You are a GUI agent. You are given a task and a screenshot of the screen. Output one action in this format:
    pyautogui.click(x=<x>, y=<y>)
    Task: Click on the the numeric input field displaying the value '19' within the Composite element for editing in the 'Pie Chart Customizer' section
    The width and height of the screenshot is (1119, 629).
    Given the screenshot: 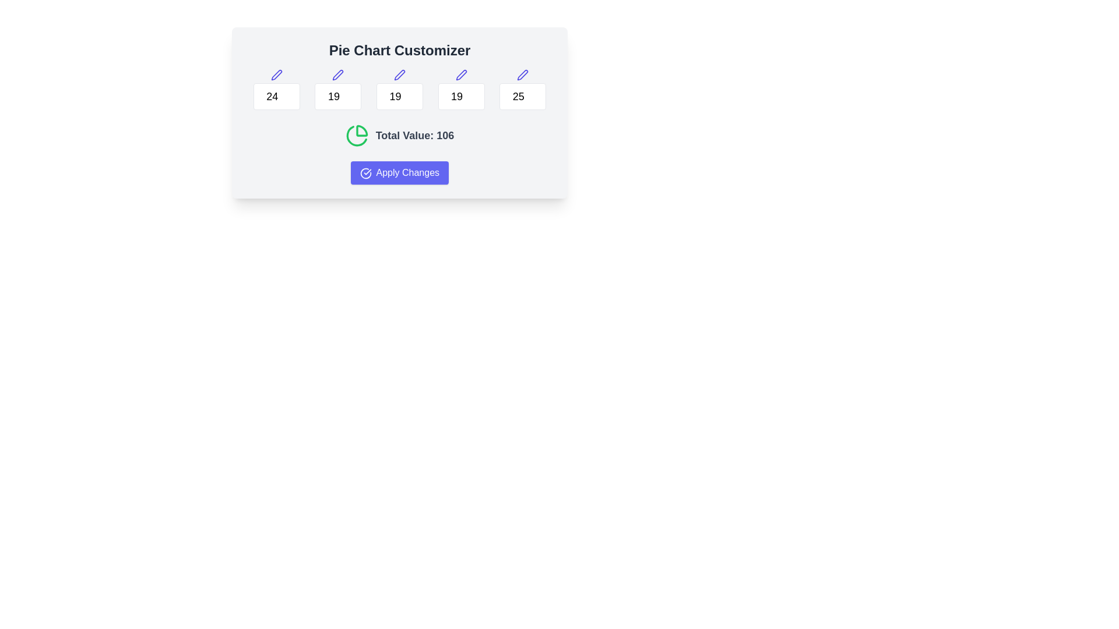 What is the action you would take?
    pyautogui.click(x=337, y=89)
    